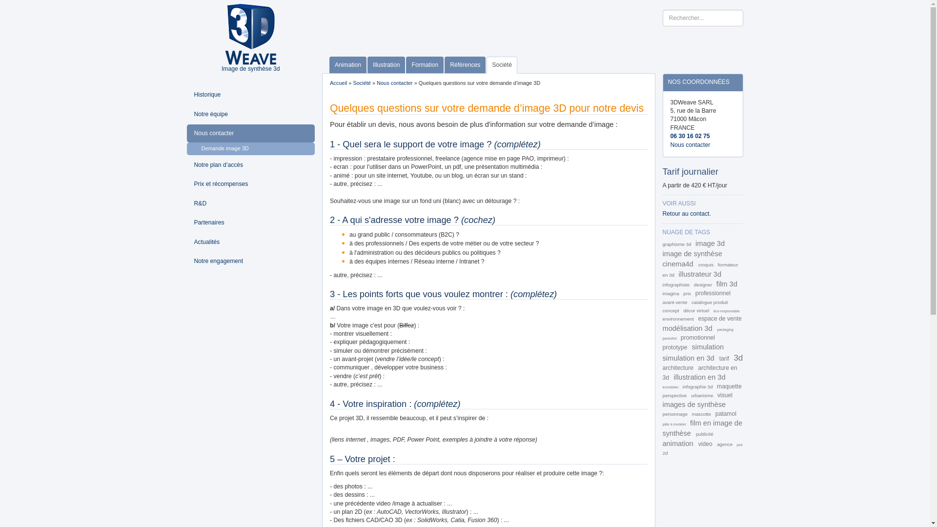 This screenshot has height=527, width=937. What do you see at coordinates (250, 133) in the screenshot?
I see `'Nous contacter'` at bounding box center [250, 133].